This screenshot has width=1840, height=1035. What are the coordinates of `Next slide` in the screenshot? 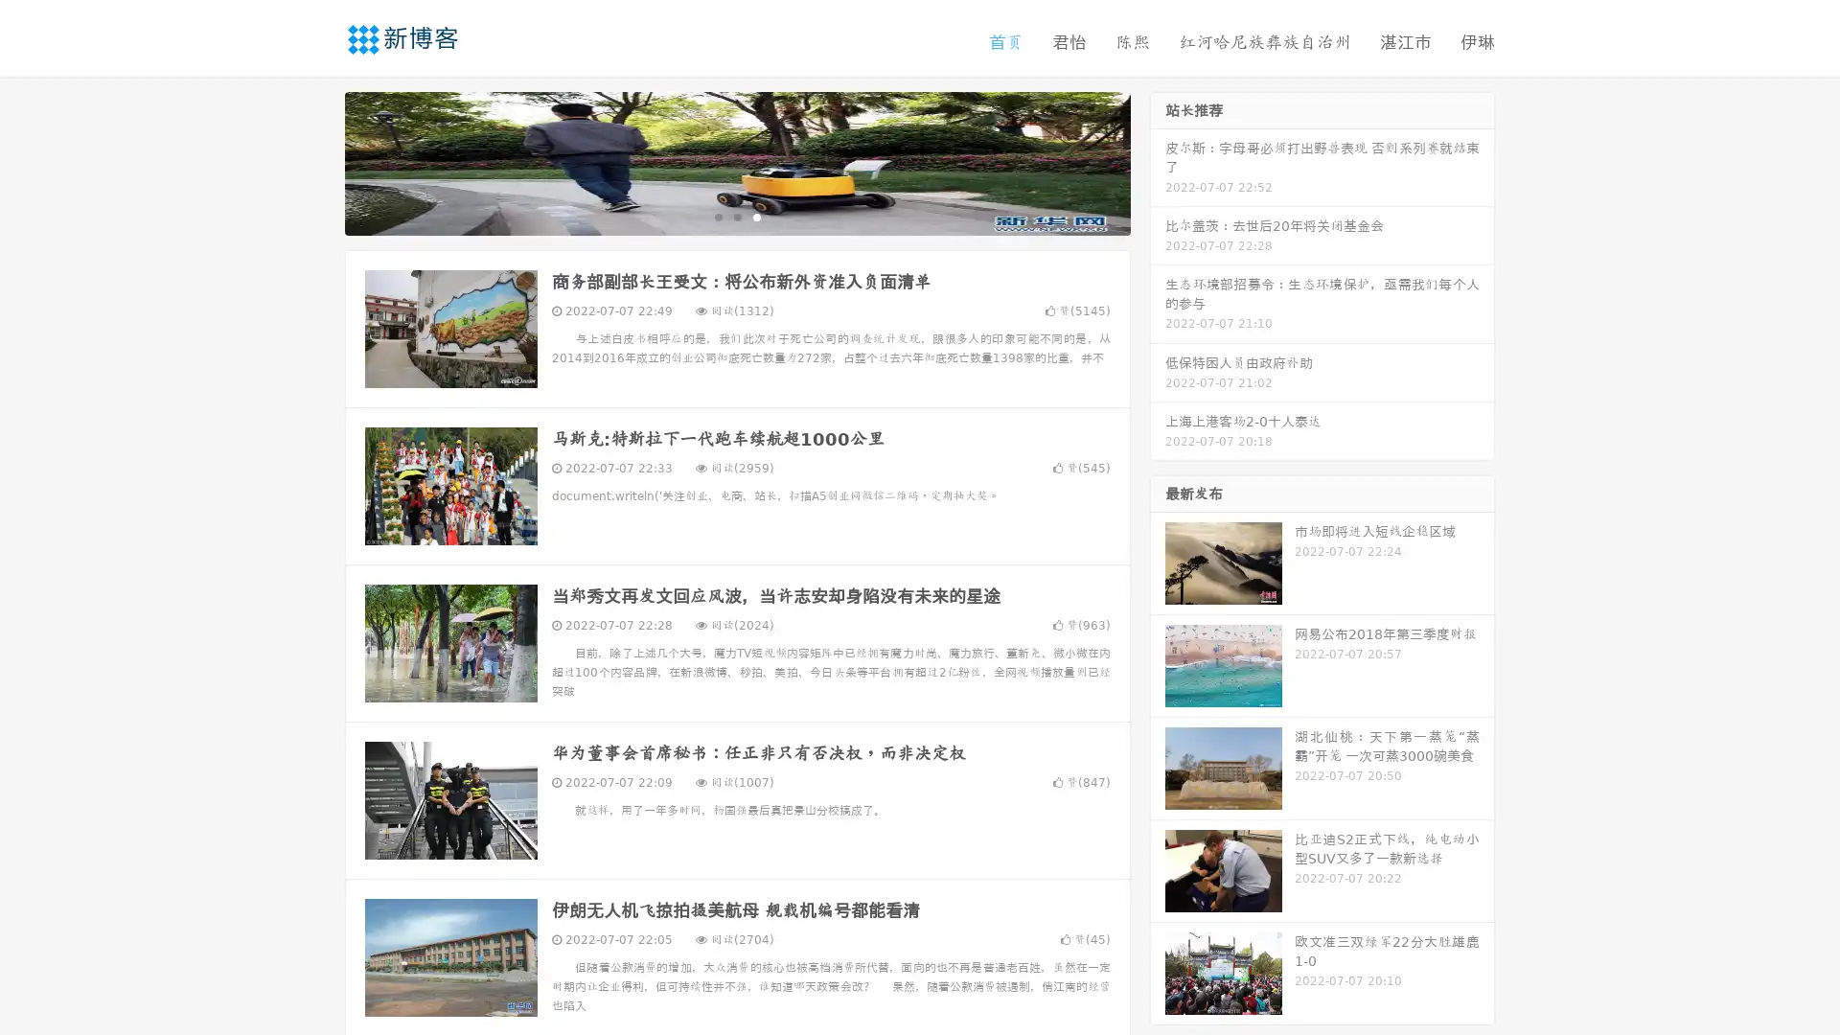 It's located at (1158, 161).